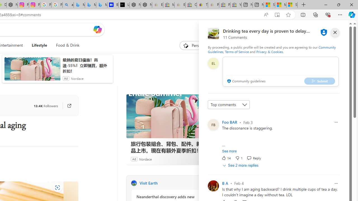 The height and width of the screenshot is (201, 358). What do you see at coordinates (320, 81) in the screenshot?
I see `'Submit'` at bounding box center [320, 81].